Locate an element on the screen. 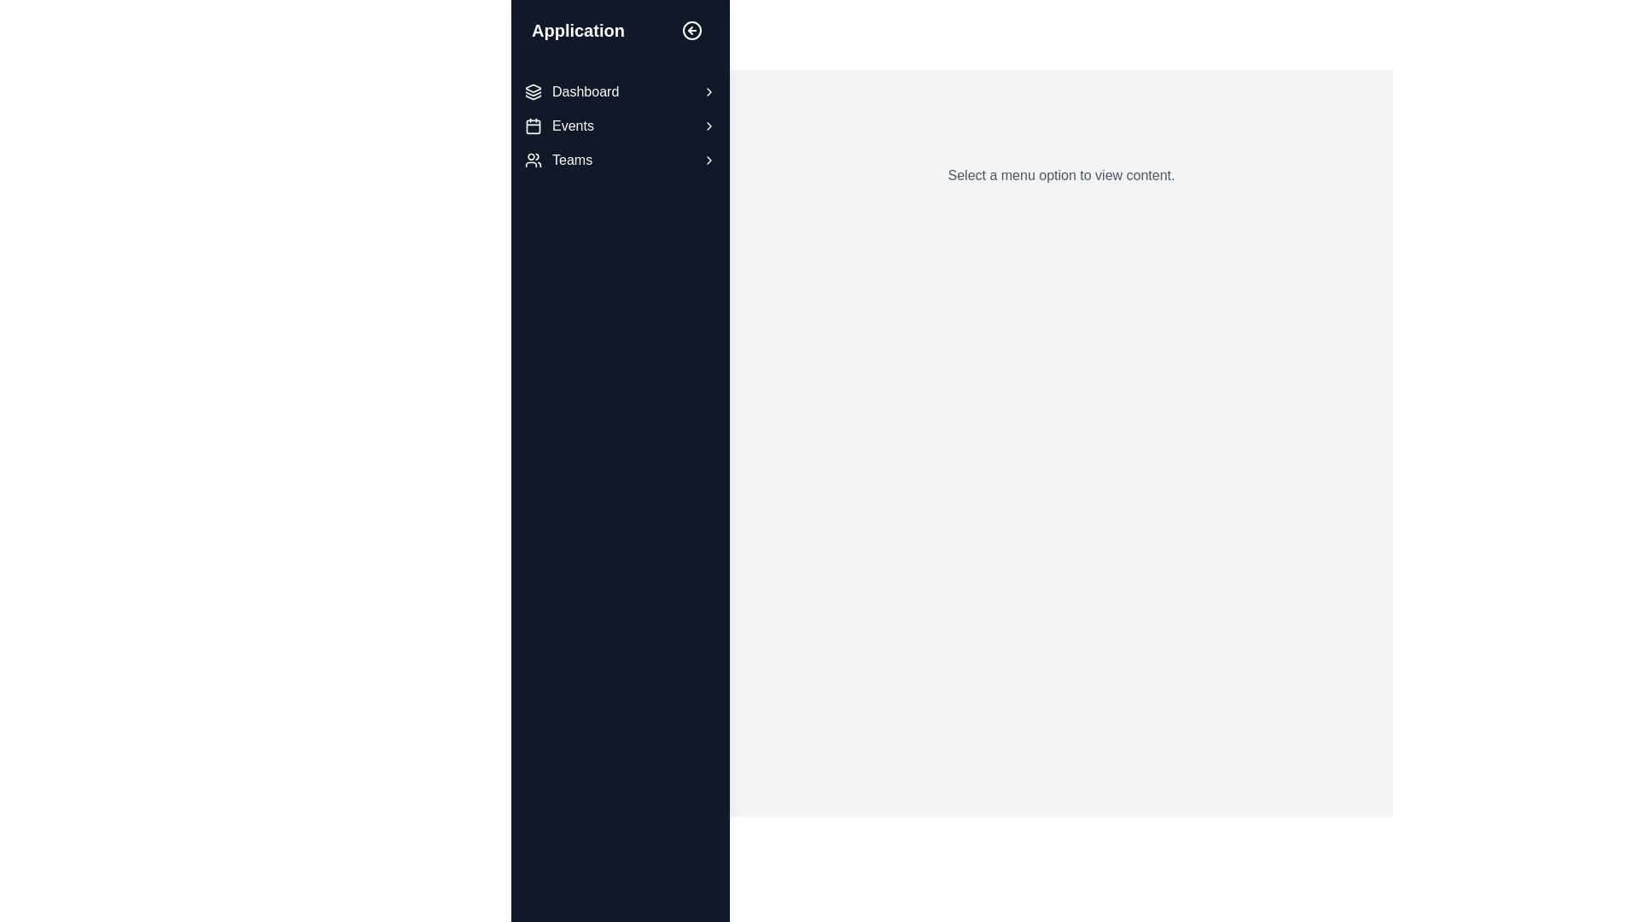  the 'Events' navigation menu item is located at coordinates (619, 125).